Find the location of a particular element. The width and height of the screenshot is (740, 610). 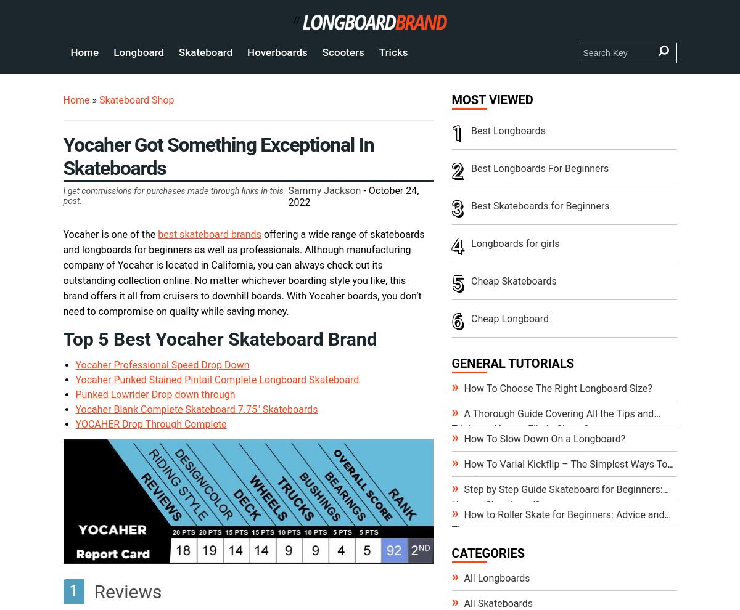

'Best Longboards' is located at coordinates (508, 130).